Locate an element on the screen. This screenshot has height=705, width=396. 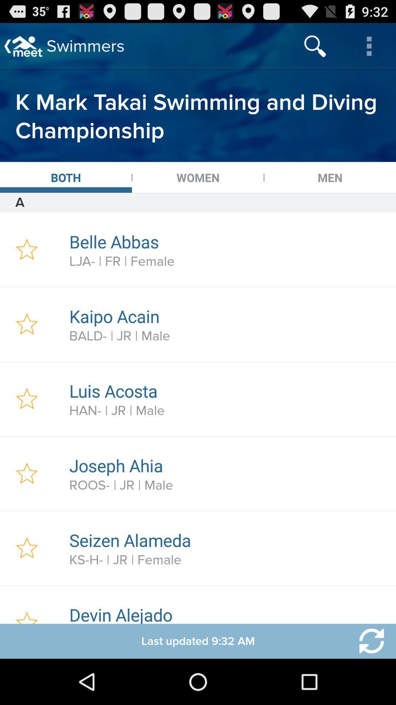
option is located at coordinates (367, 641).